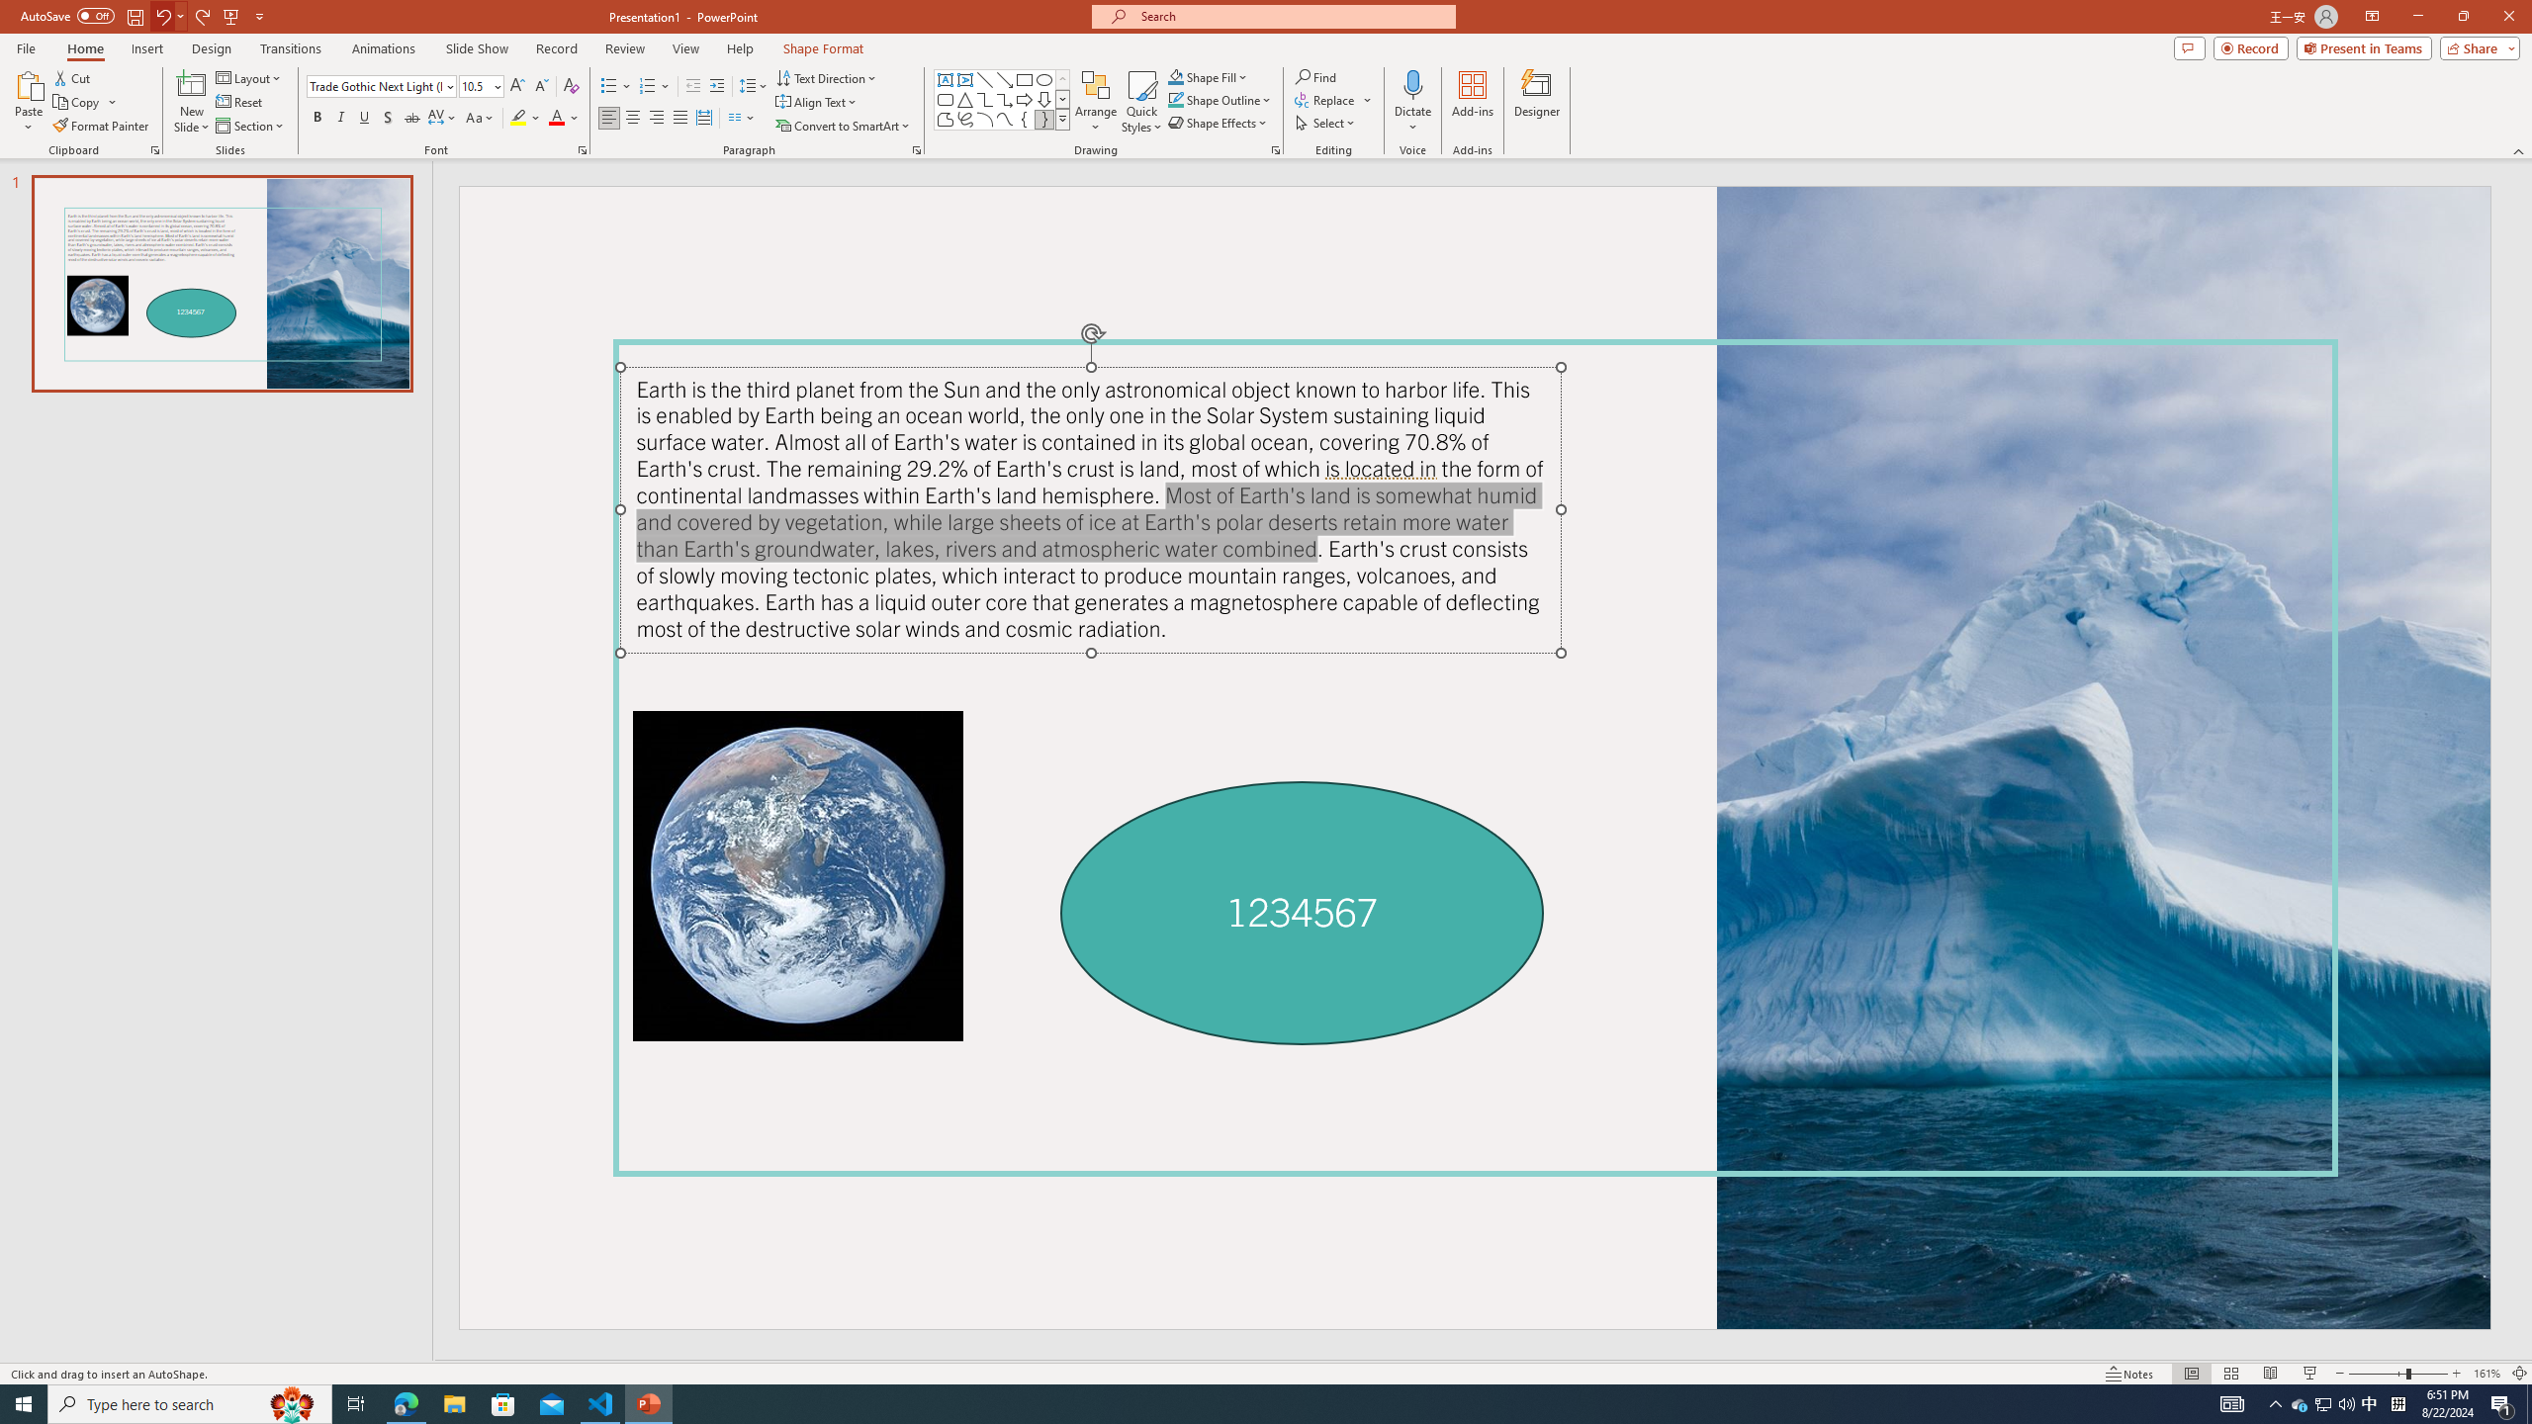 Image resolution: width=2532 pixels, height=1424 pixels. I want to click on 'Strikethrough', so click(411, 117).